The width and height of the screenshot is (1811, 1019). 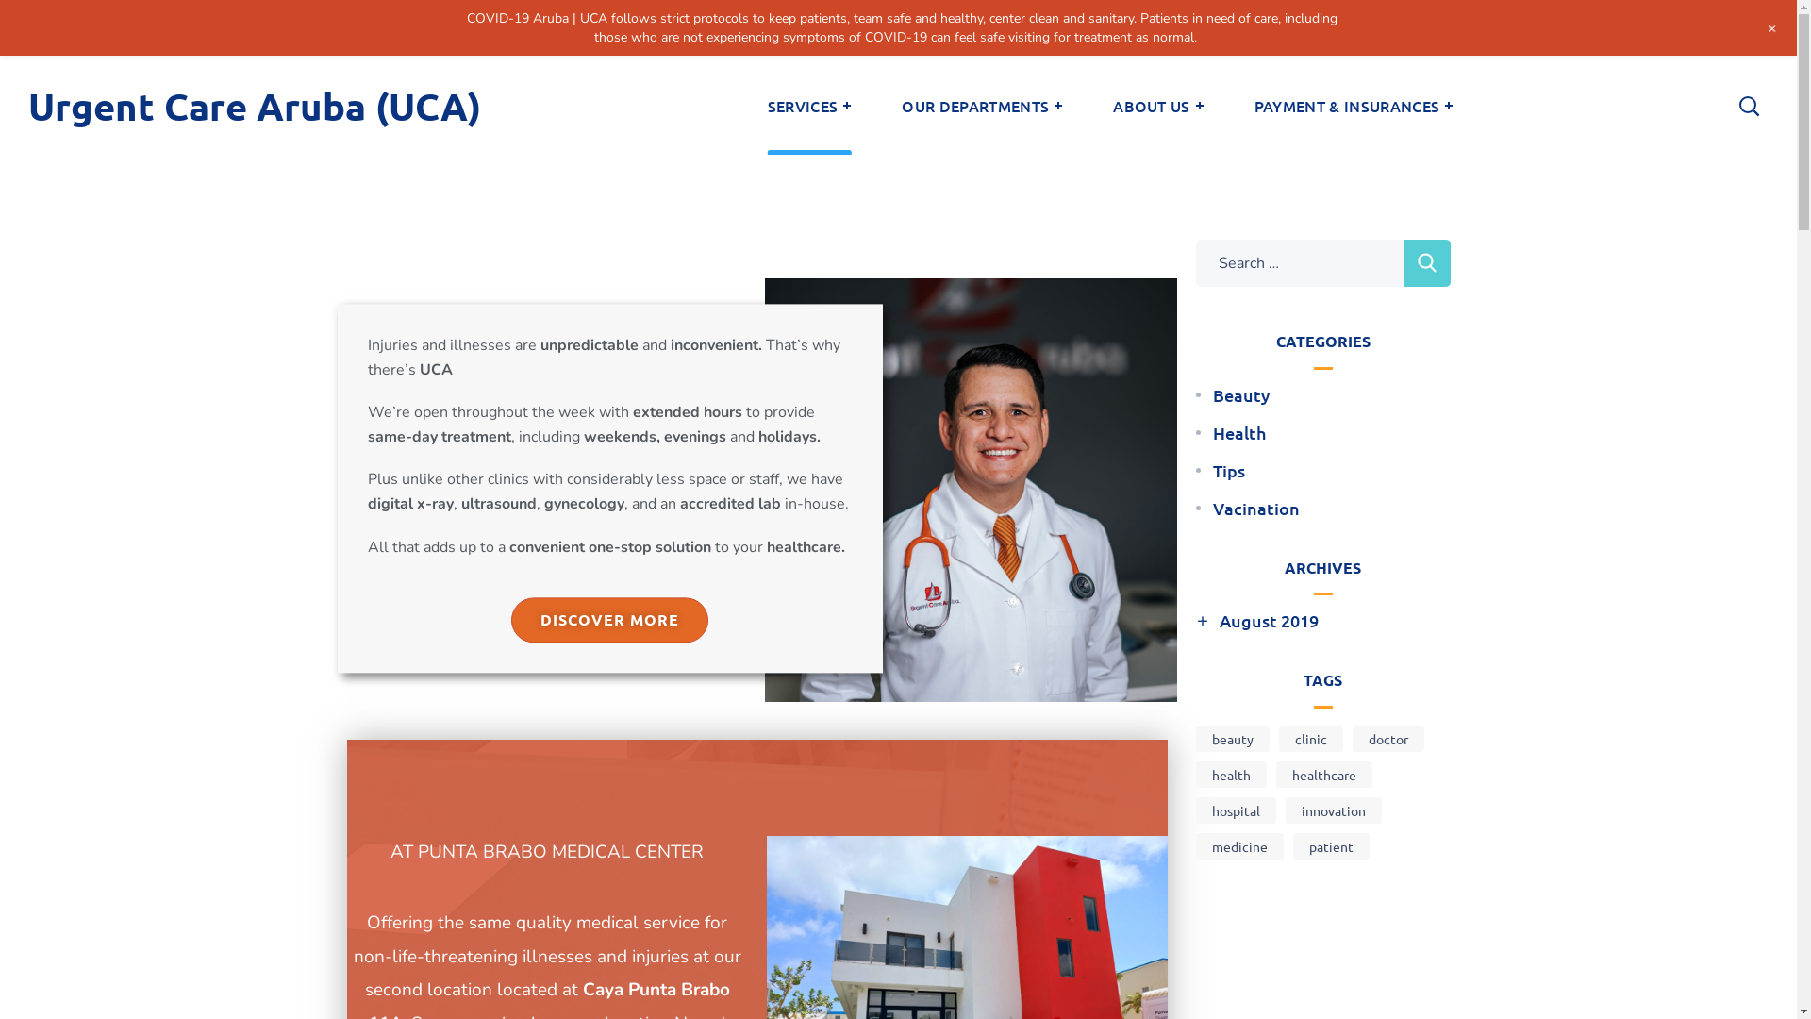 I want to click on 'health', so click(x=1231, y=775).